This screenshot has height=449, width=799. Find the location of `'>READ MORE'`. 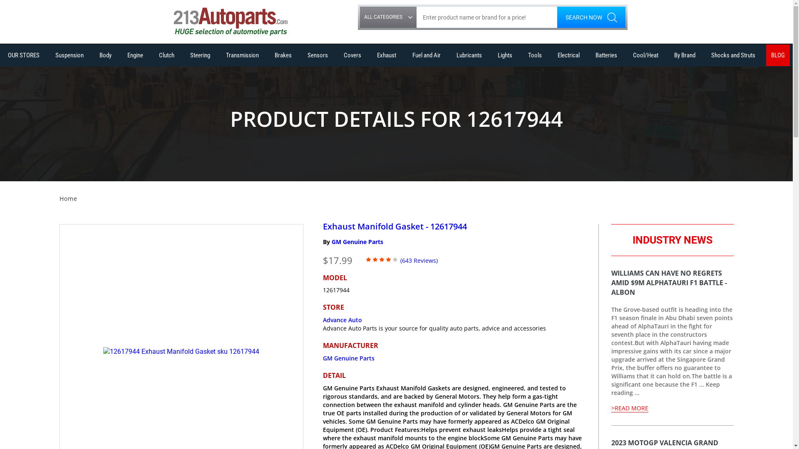

'>READ MORE' is located at coordinates (629, 408).